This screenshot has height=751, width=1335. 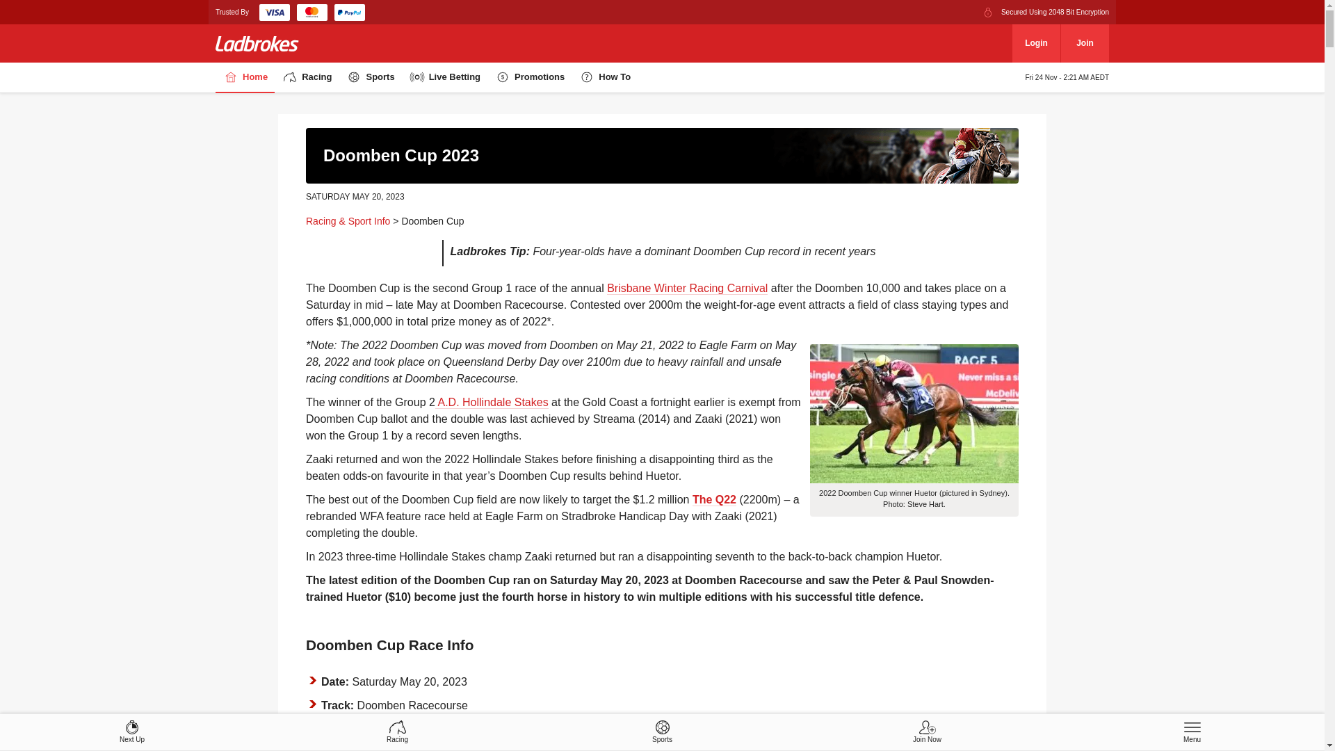 I want to click on 'Home', so click(x=215, y=77).